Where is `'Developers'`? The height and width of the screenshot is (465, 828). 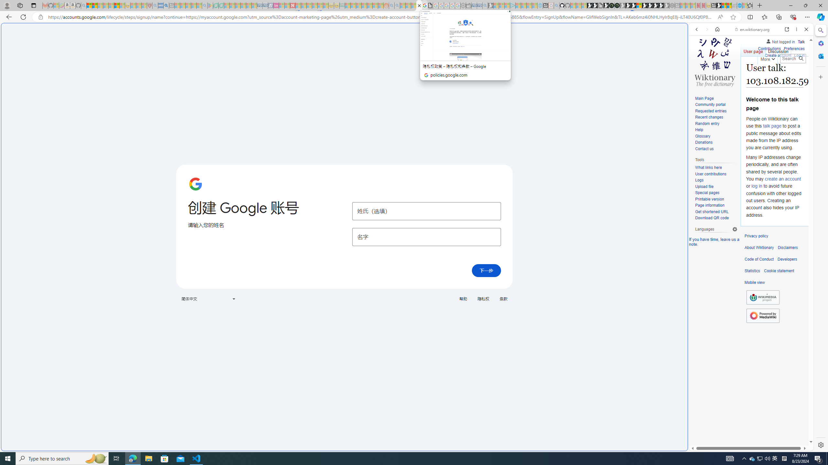 'Developers' is located at coordinates (787, 259).